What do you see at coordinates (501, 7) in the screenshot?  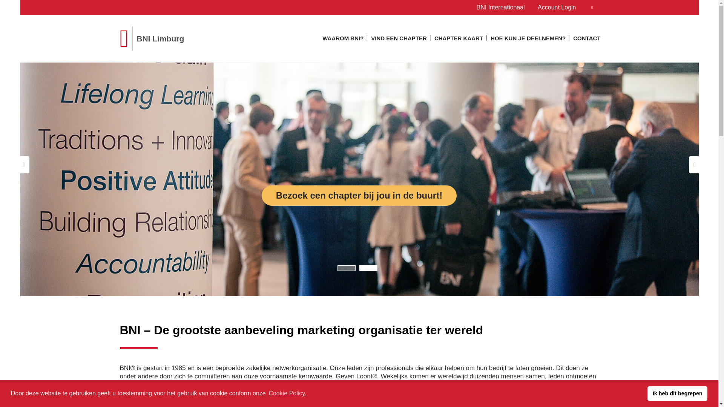 I see `'BNI Internationaal'` at bounding box center [501, 7].